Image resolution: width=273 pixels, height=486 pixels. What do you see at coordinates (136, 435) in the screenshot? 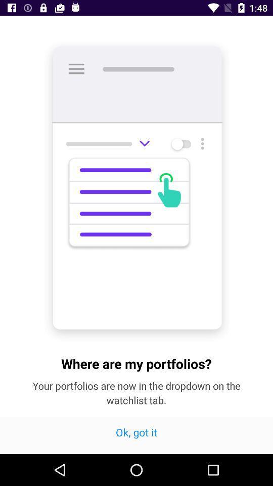
I see `icon below your portfolios are` at bounding box center [136, 435].